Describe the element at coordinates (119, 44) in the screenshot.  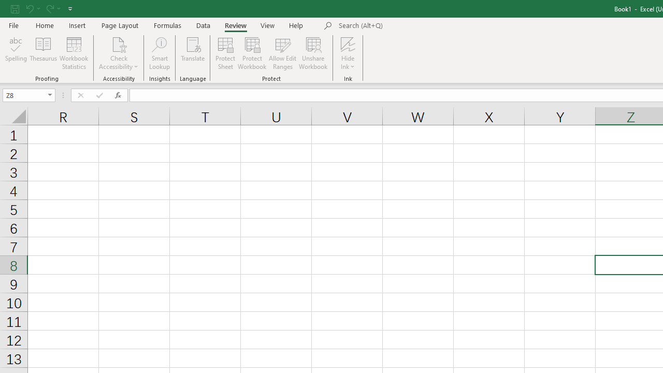
I see `'Check Accessibility'` at that location.